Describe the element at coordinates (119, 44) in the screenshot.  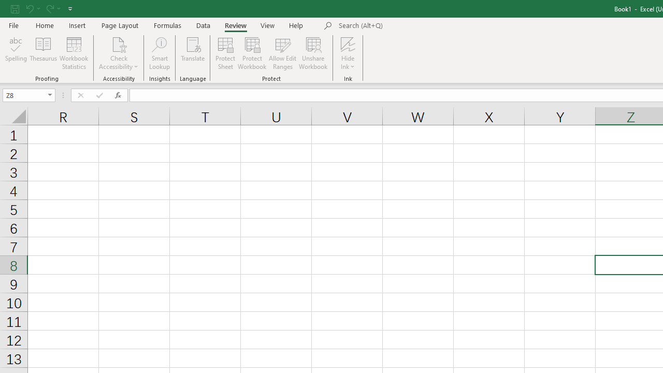
I see `'Check Accessibility'` at that location.